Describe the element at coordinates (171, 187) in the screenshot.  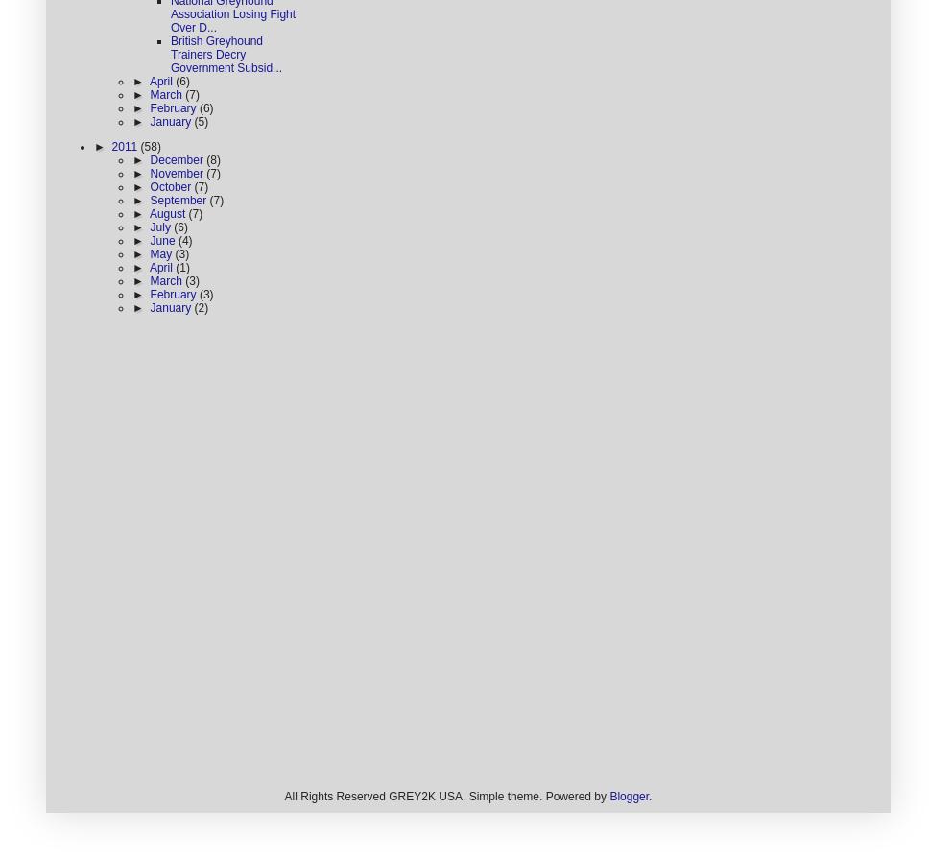
I see `'October'` at that location.